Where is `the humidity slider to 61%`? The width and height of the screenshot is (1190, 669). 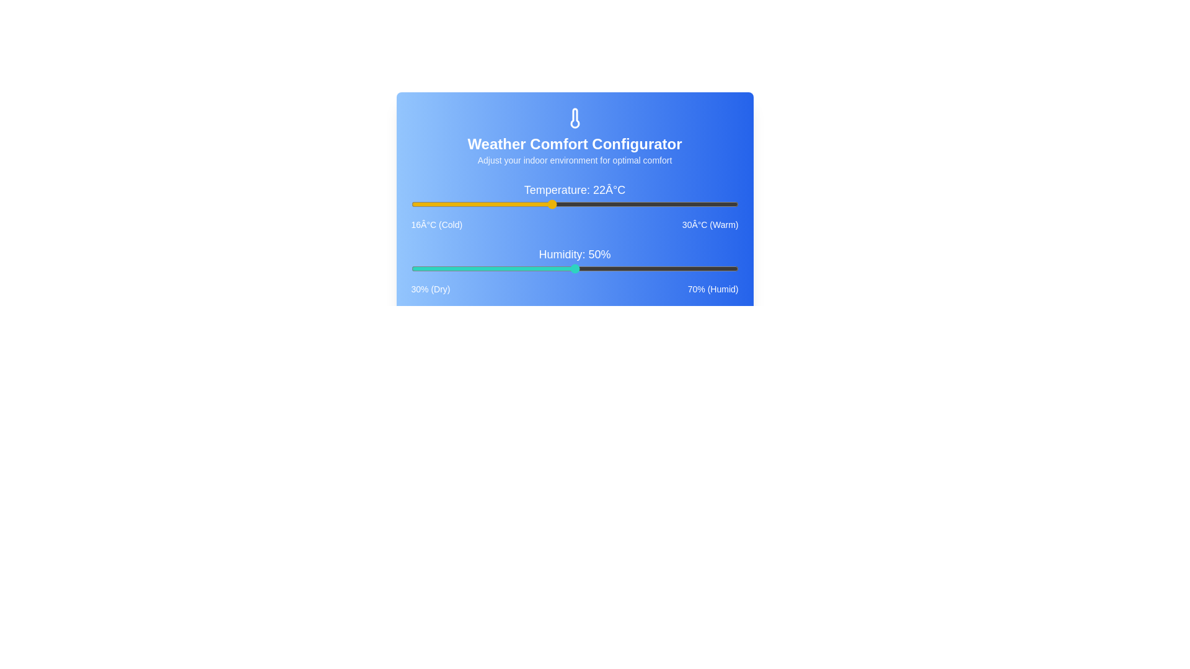 the humidity slider to 61% is located at coordinates (664, 268).